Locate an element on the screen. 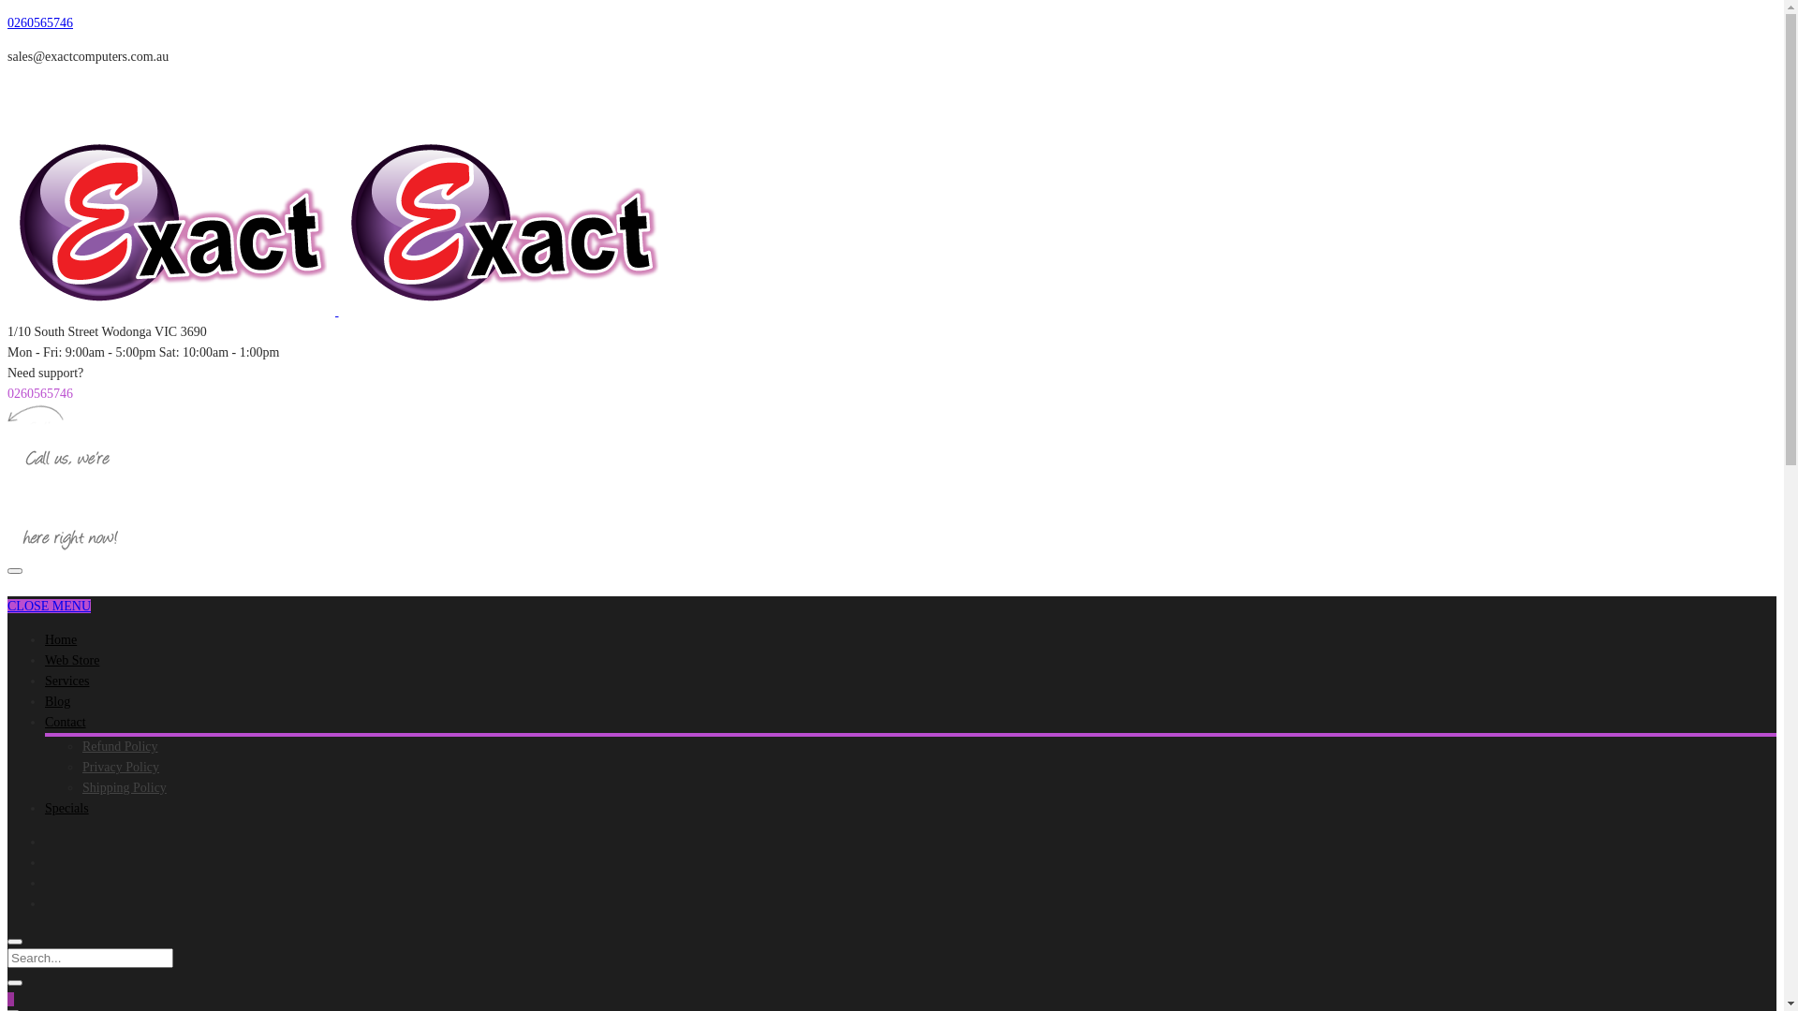  'Shipping Policy' is located at coordinates (124, 787).